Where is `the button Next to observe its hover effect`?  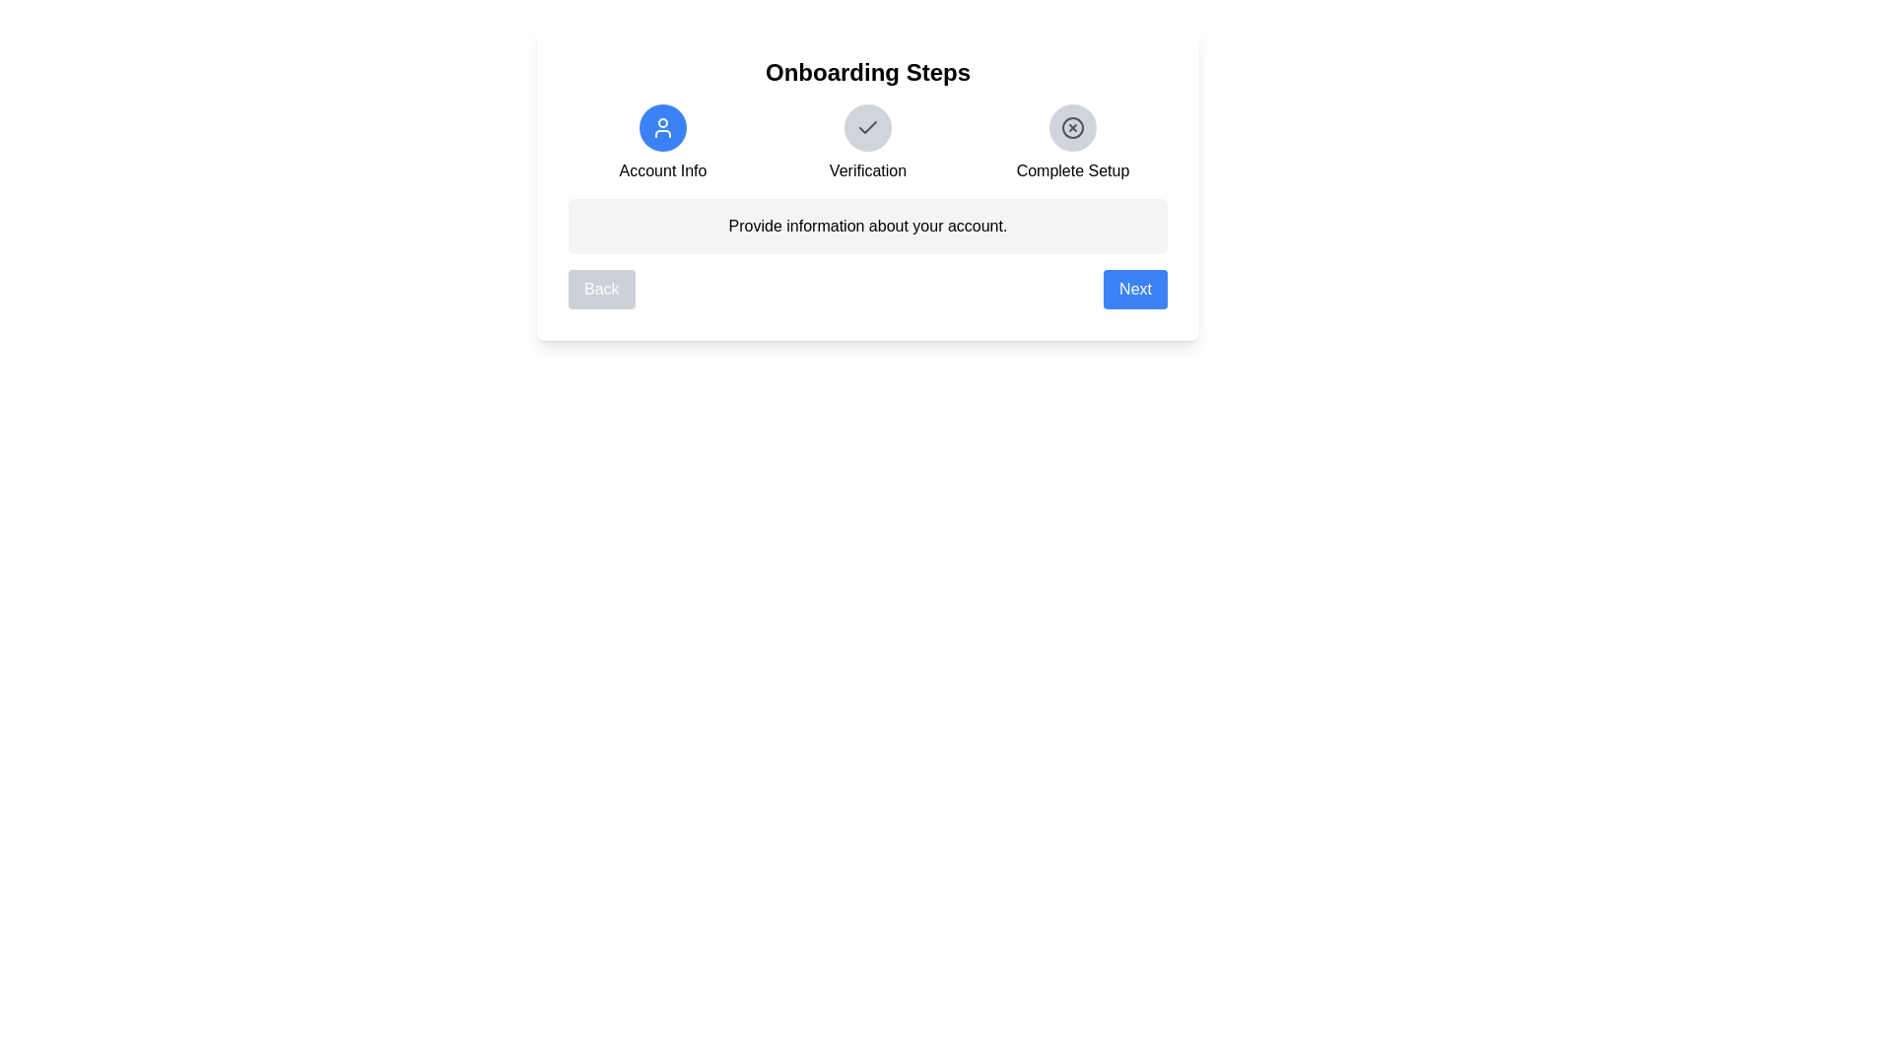 the button Next to observe its hover effect is located at coordinates (1135, 289).